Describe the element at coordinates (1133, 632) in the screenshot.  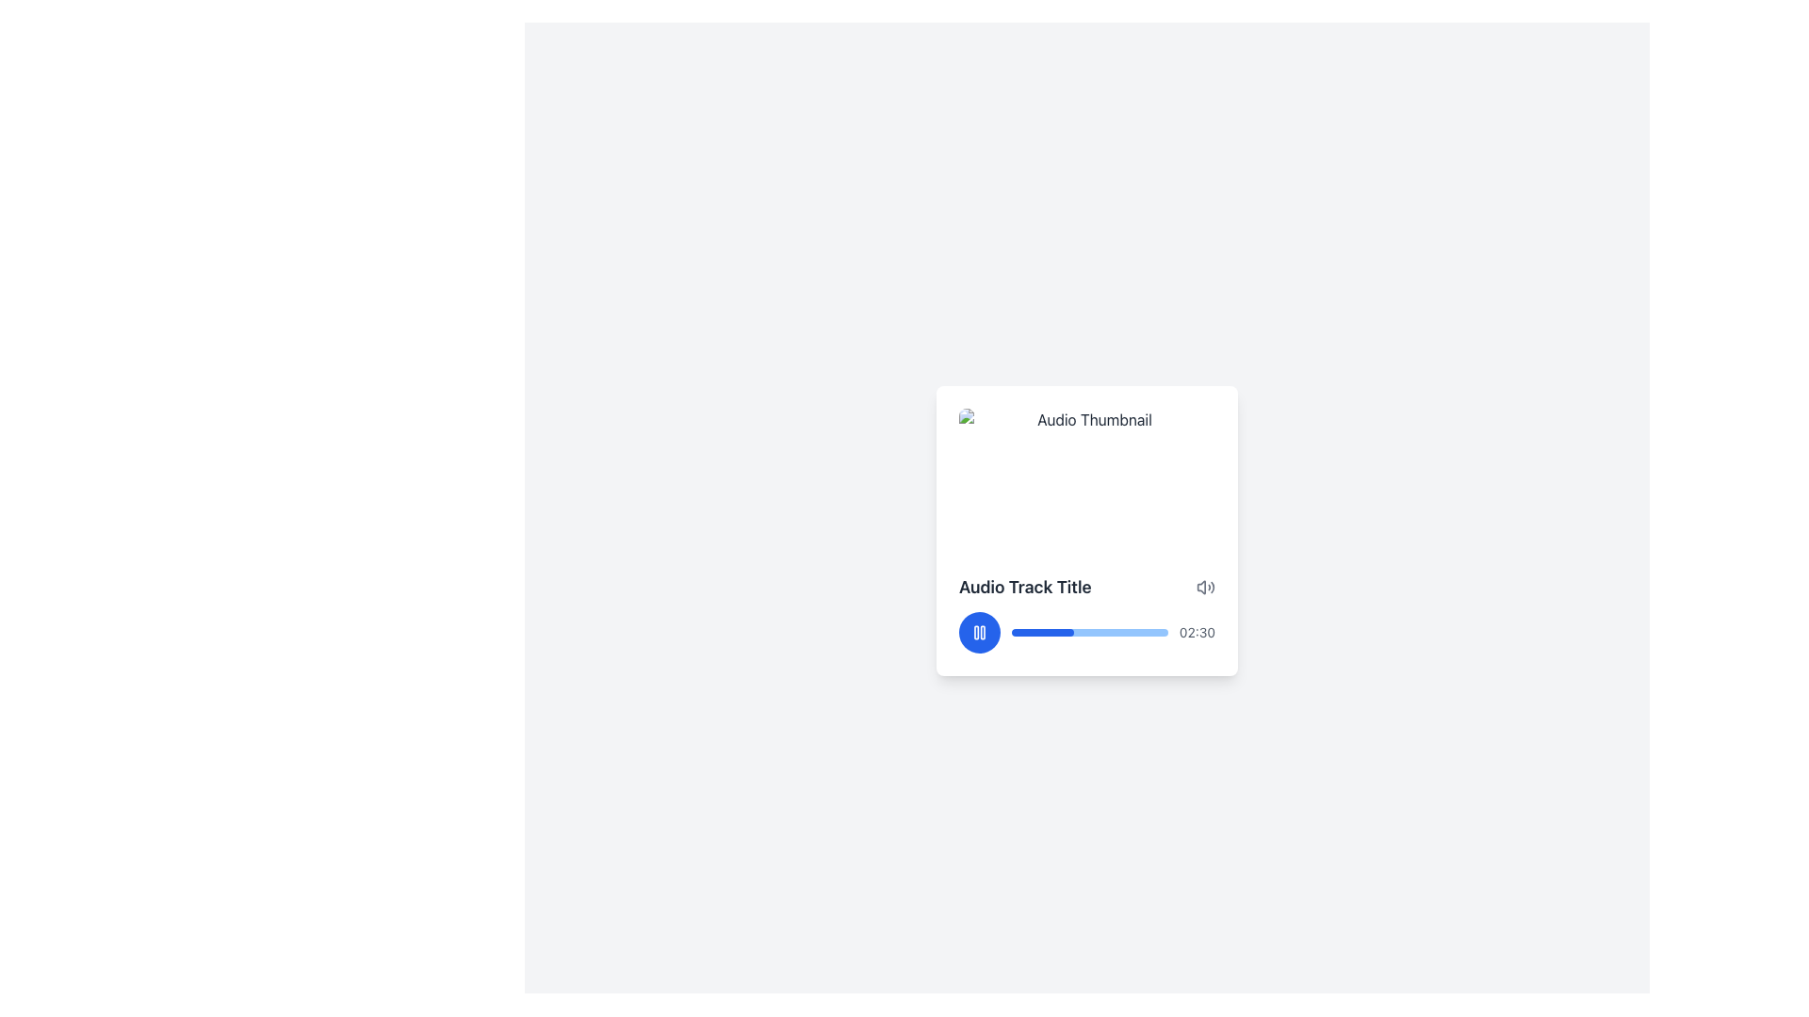
I see `audio track progress` at that location.